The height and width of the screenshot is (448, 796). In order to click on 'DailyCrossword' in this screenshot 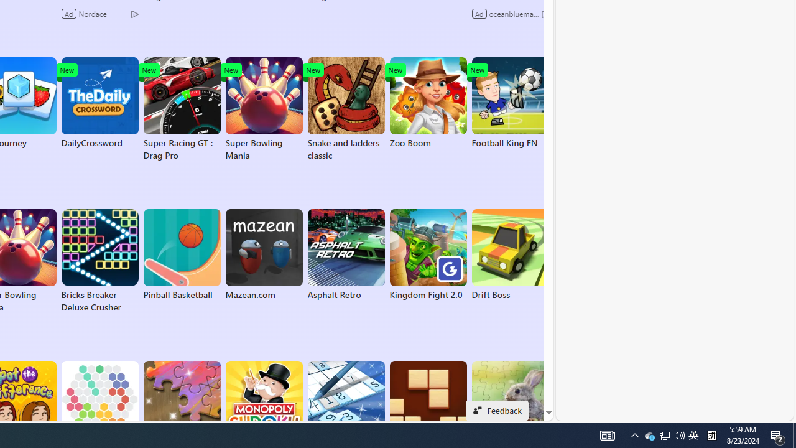, I will do `click(99, 102)`.